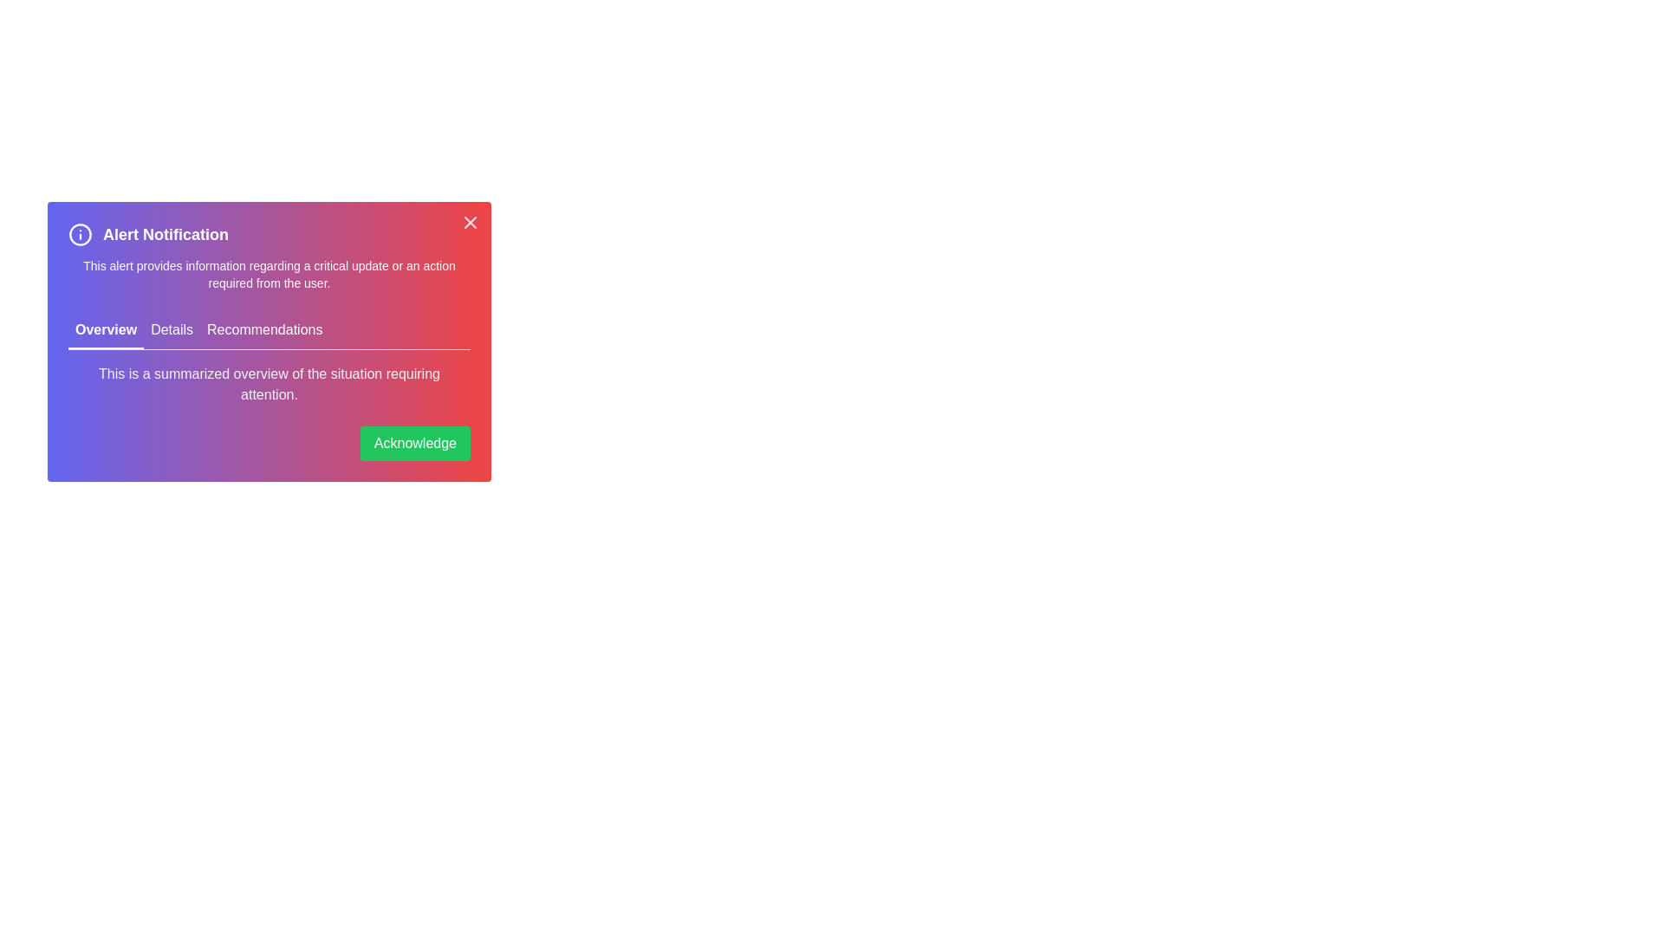  What do you see at coordinates (470, 222) in the screenshot?
I see `the close button located at the top-right corner of the alert` at bounding box center [470, 222].